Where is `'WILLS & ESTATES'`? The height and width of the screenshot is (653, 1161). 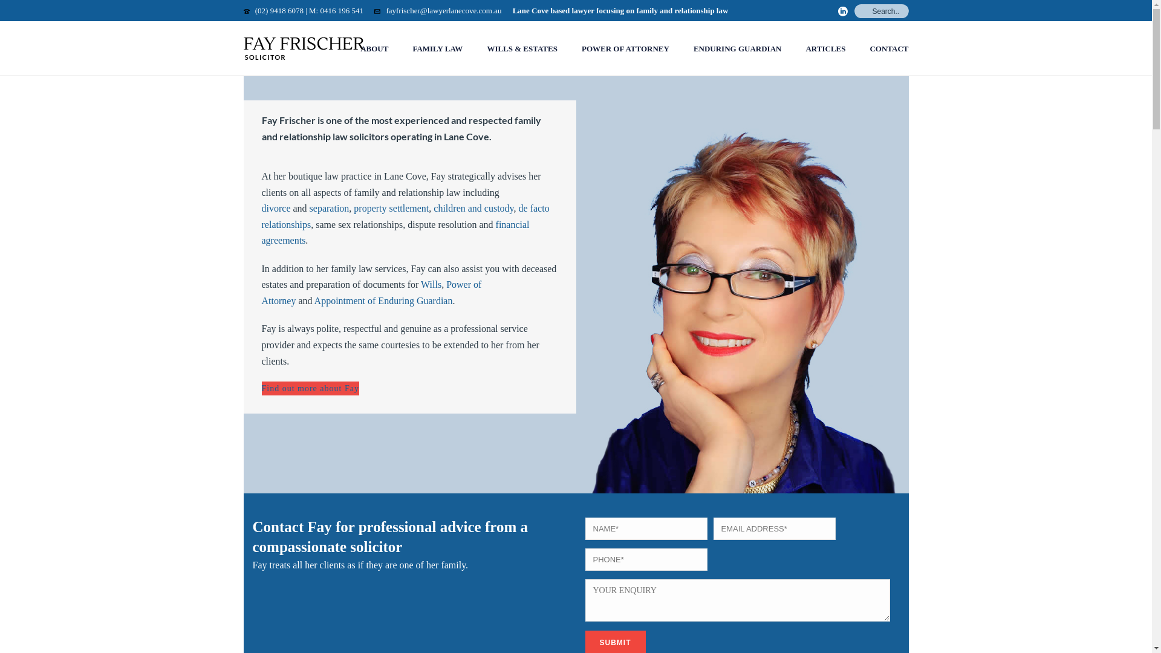
'WILLS & ESTATES' is located at coordinates (474, 48).